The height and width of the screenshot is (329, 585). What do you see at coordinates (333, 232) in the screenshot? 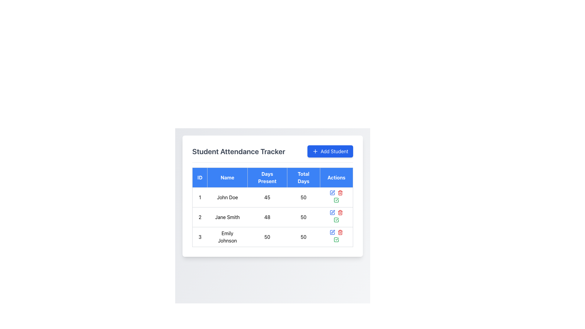
I see `the edit icon represented by a minimalistic pen overlaying a square in the 'Actions' column of the third row for 'Emily Johnson'` at bounding box center [333, 232].